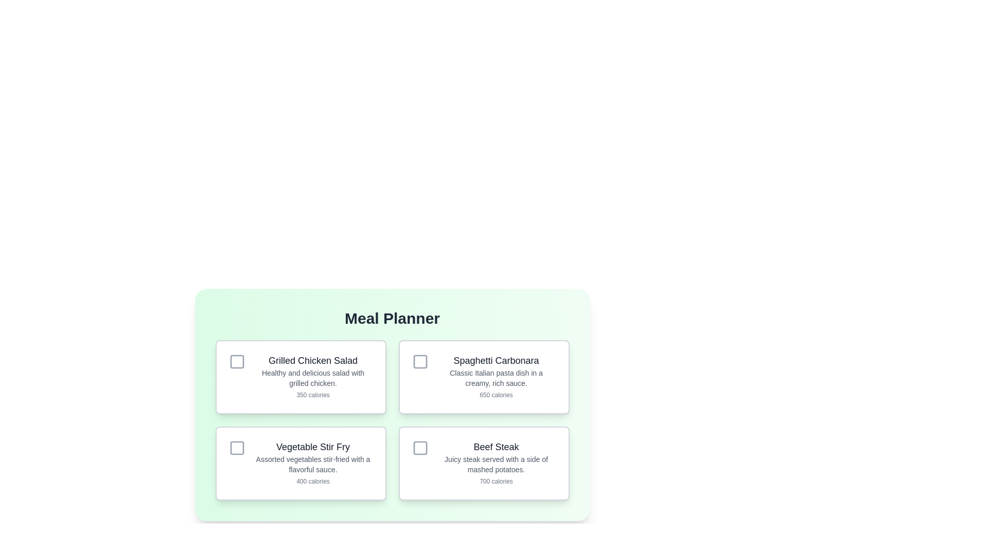  I want to click on the empty checkbox located to the left of the text 'Beef Steak' in the meal planning interface, so click(420, 447).